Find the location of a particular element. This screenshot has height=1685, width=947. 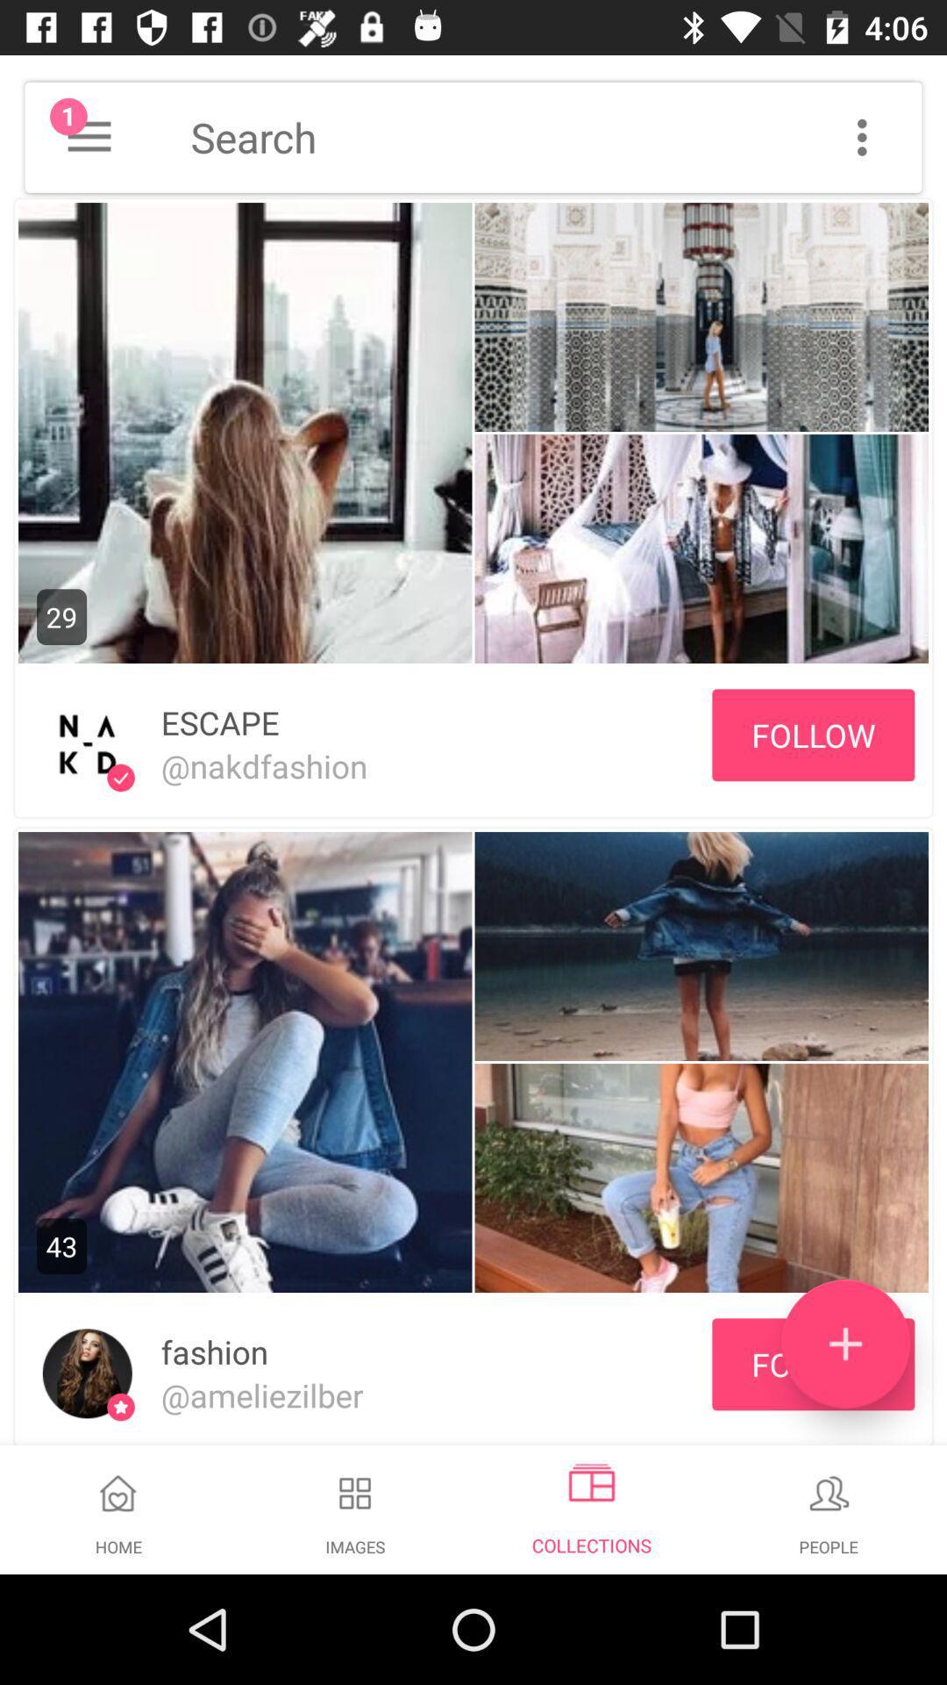

more options menu is located at coordinates (861, 136).